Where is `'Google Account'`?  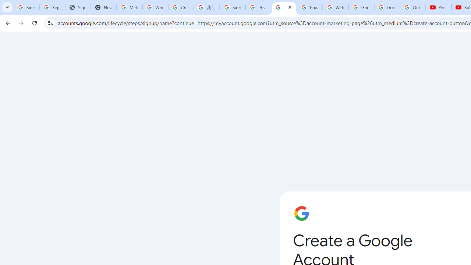 'Google Account' is located at coordinates (387, 7).